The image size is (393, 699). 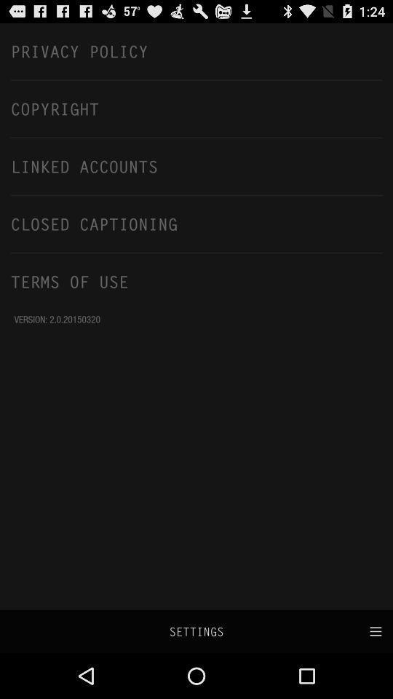 What do you see at coordinates (196, 280) in the screenshot?
I see `the terms of use item` at bounding box center [196, 280].